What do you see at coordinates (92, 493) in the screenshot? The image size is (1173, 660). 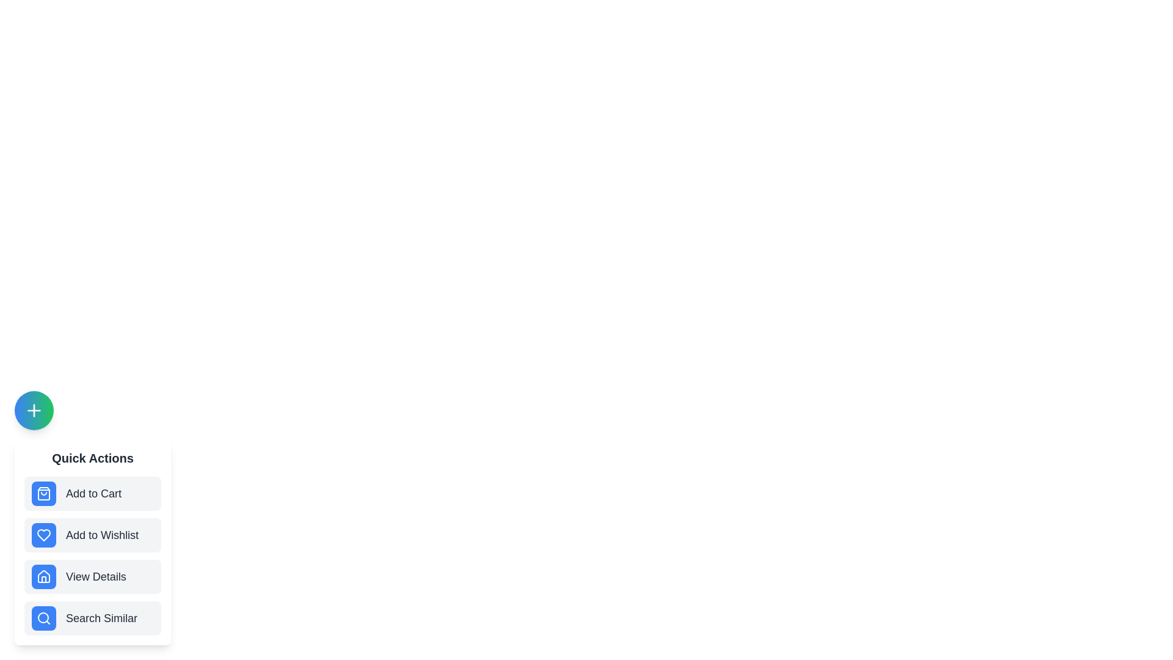 I see `the 'Add to Cart' button` at bounding box center [92, 493].